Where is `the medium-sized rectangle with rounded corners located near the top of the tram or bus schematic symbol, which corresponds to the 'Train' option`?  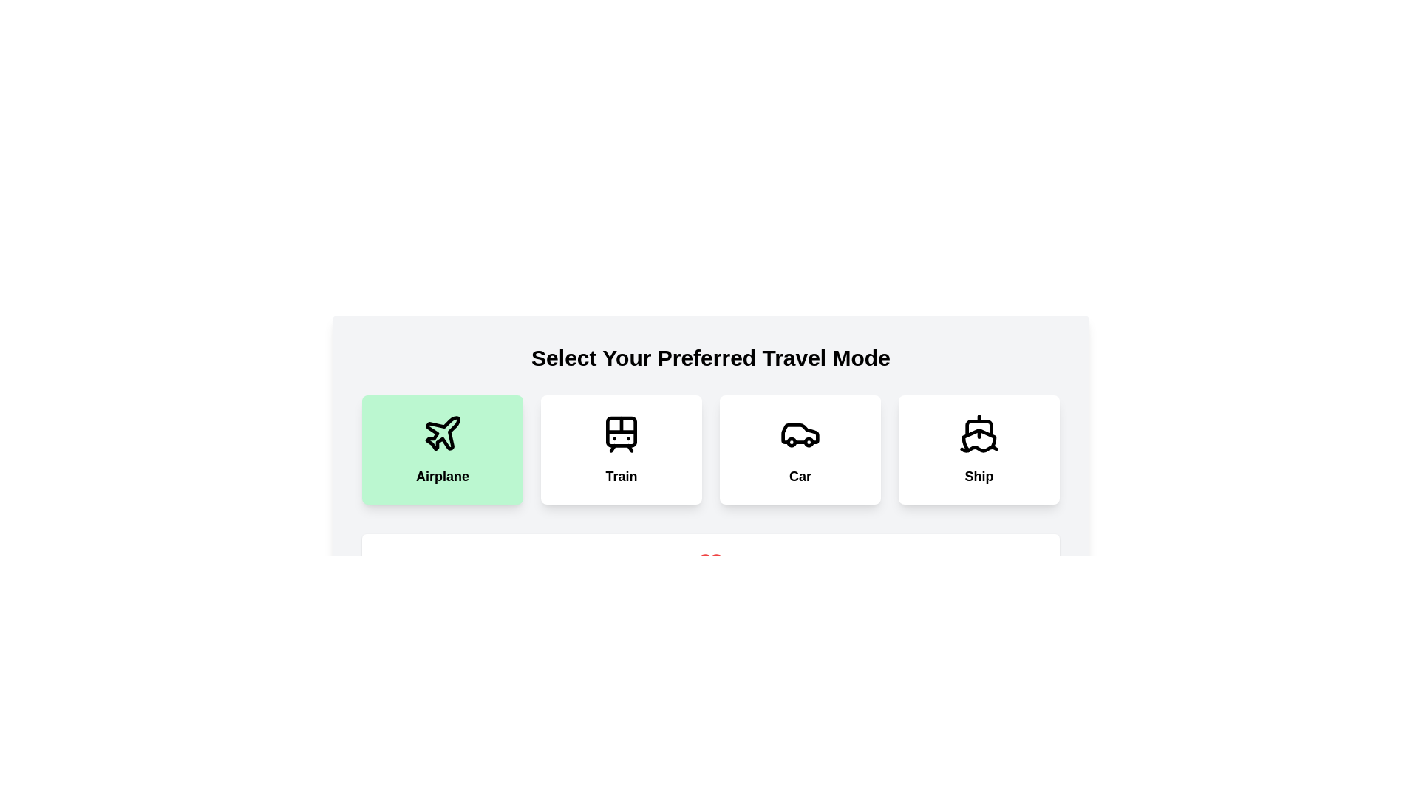
the medium-sized rectangle with rounded corners located near the top of the tram or bus schematic symbol, which corresponds to the 'Train' option is located at coordinates (621, 431).